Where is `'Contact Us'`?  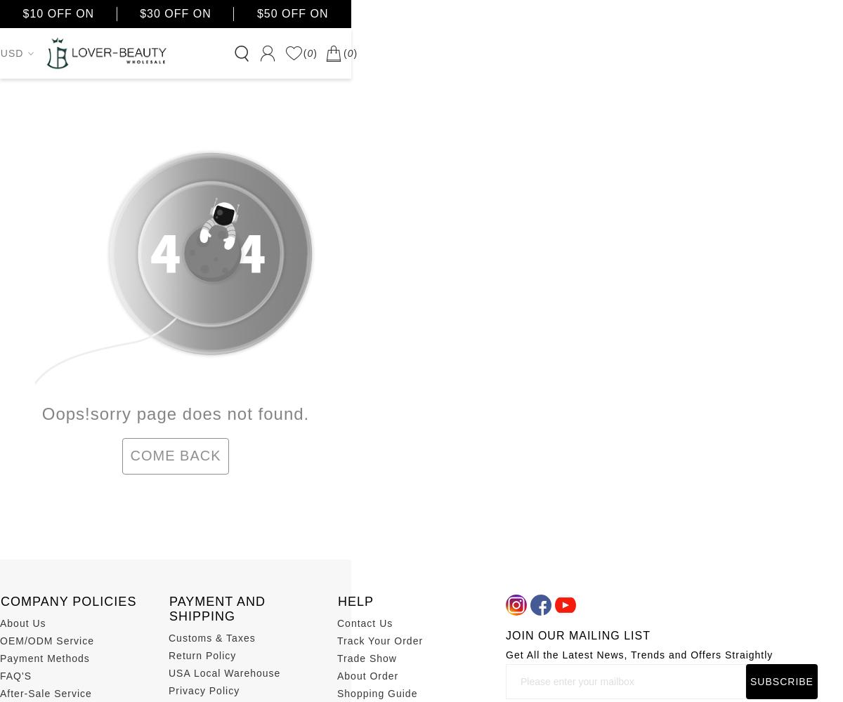 'Contact Us' is located at coordinates (336, 623).